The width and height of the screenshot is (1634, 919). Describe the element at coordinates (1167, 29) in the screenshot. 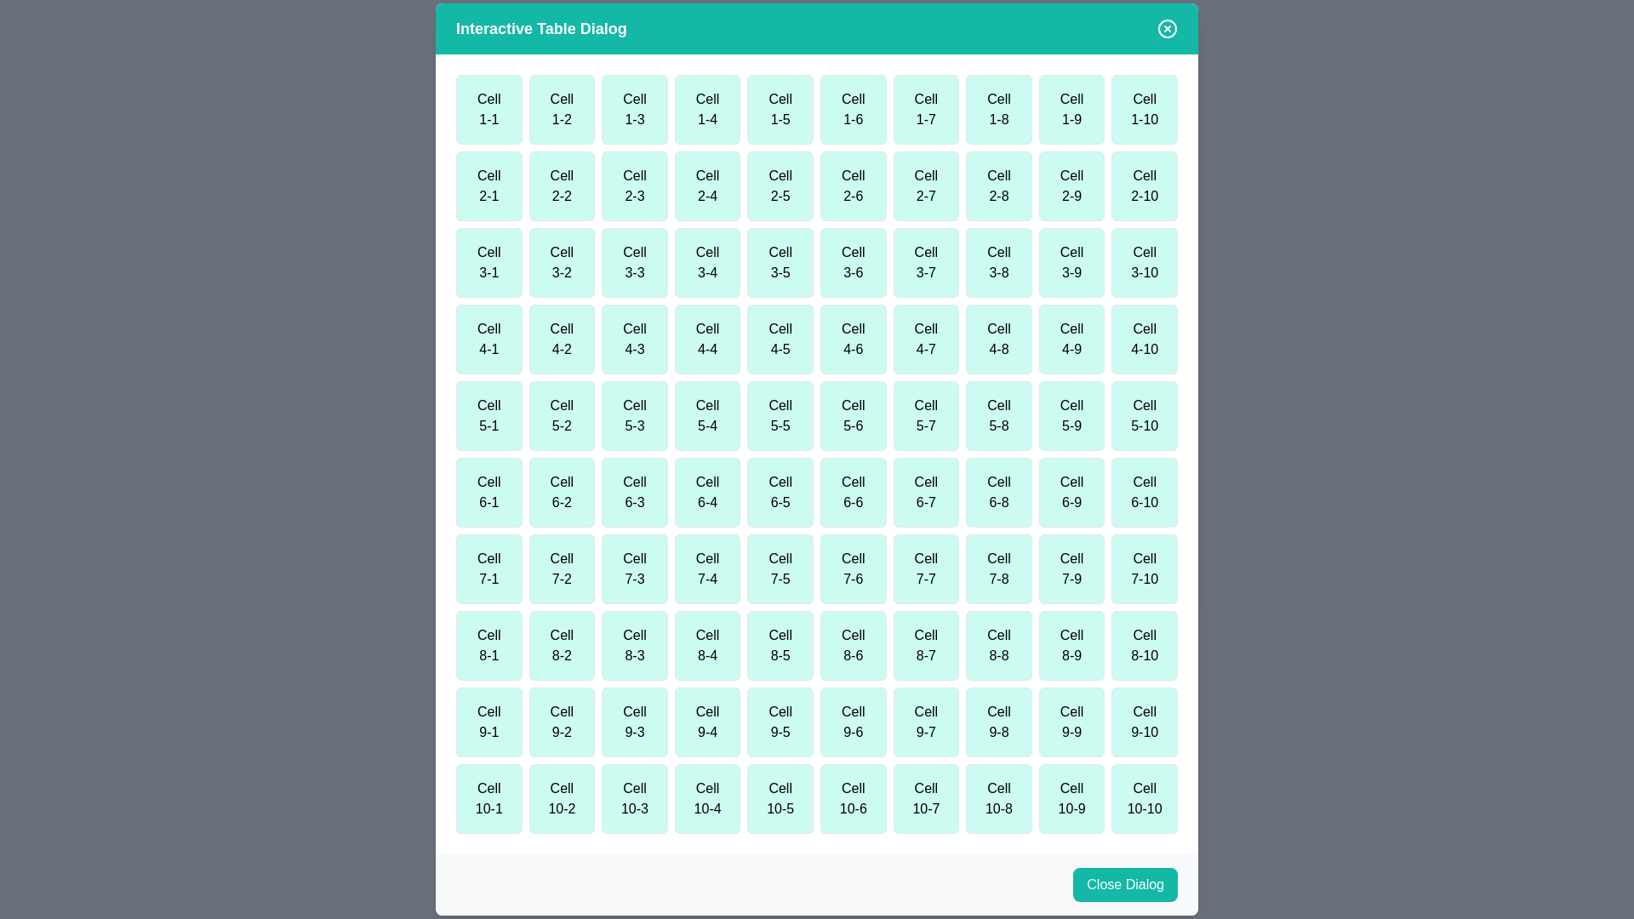

I see `the close button in the header to close the dialog` at that location.